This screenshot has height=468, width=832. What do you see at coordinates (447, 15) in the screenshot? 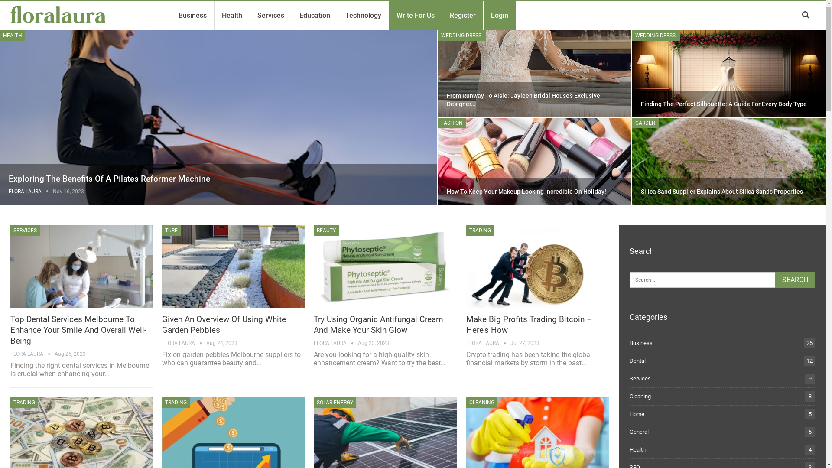
I see `'Register'` at bounding box center [447, 15].